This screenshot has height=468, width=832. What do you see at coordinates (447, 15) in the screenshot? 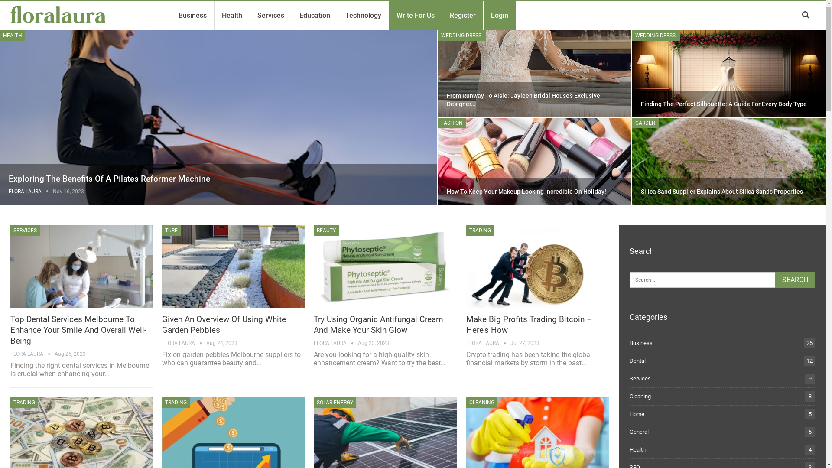
I see `'Register'` at bounding box center [447, 15].